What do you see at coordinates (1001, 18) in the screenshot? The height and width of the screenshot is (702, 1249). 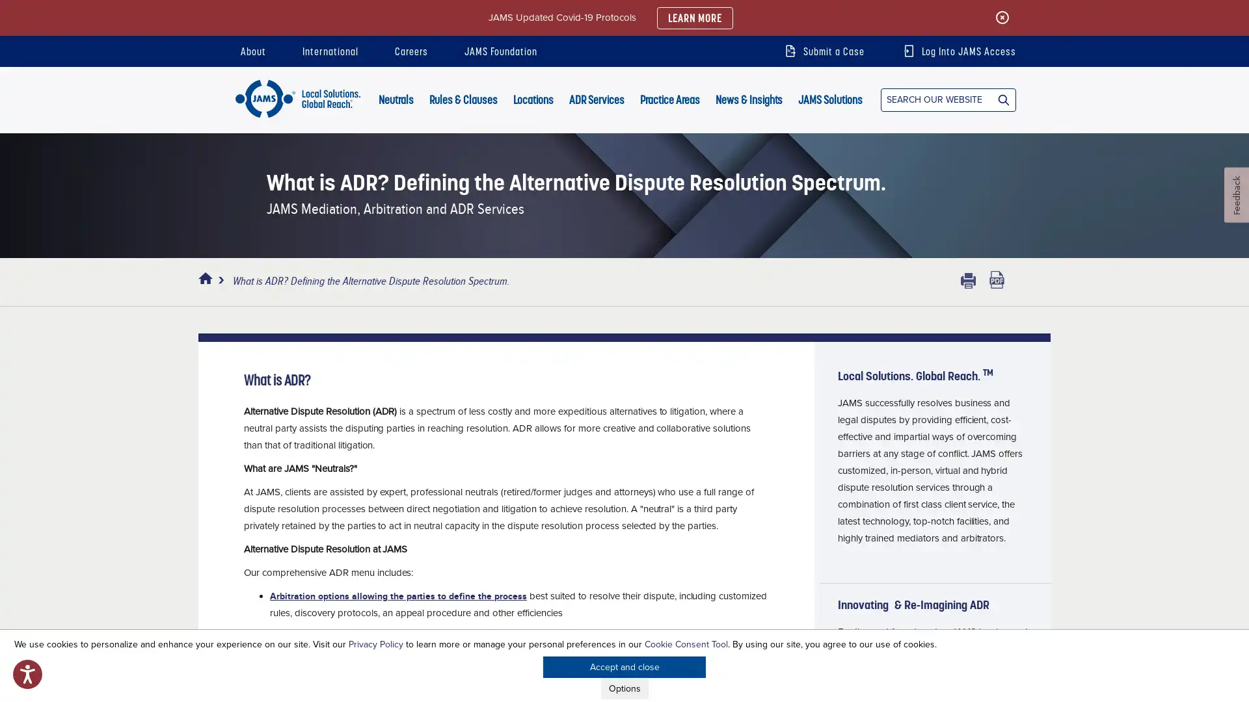 I see `Close the update alert.` at bounding box center [1001, 18].